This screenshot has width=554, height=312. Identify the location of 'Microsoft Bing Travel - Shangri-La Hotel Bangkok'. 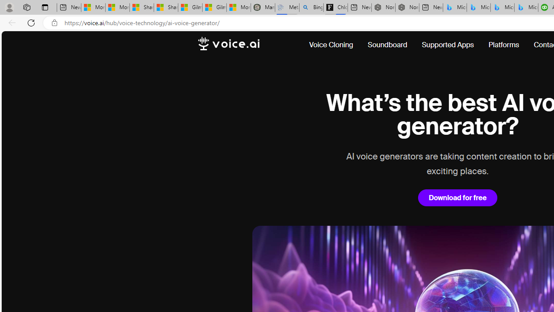
(526, 7).